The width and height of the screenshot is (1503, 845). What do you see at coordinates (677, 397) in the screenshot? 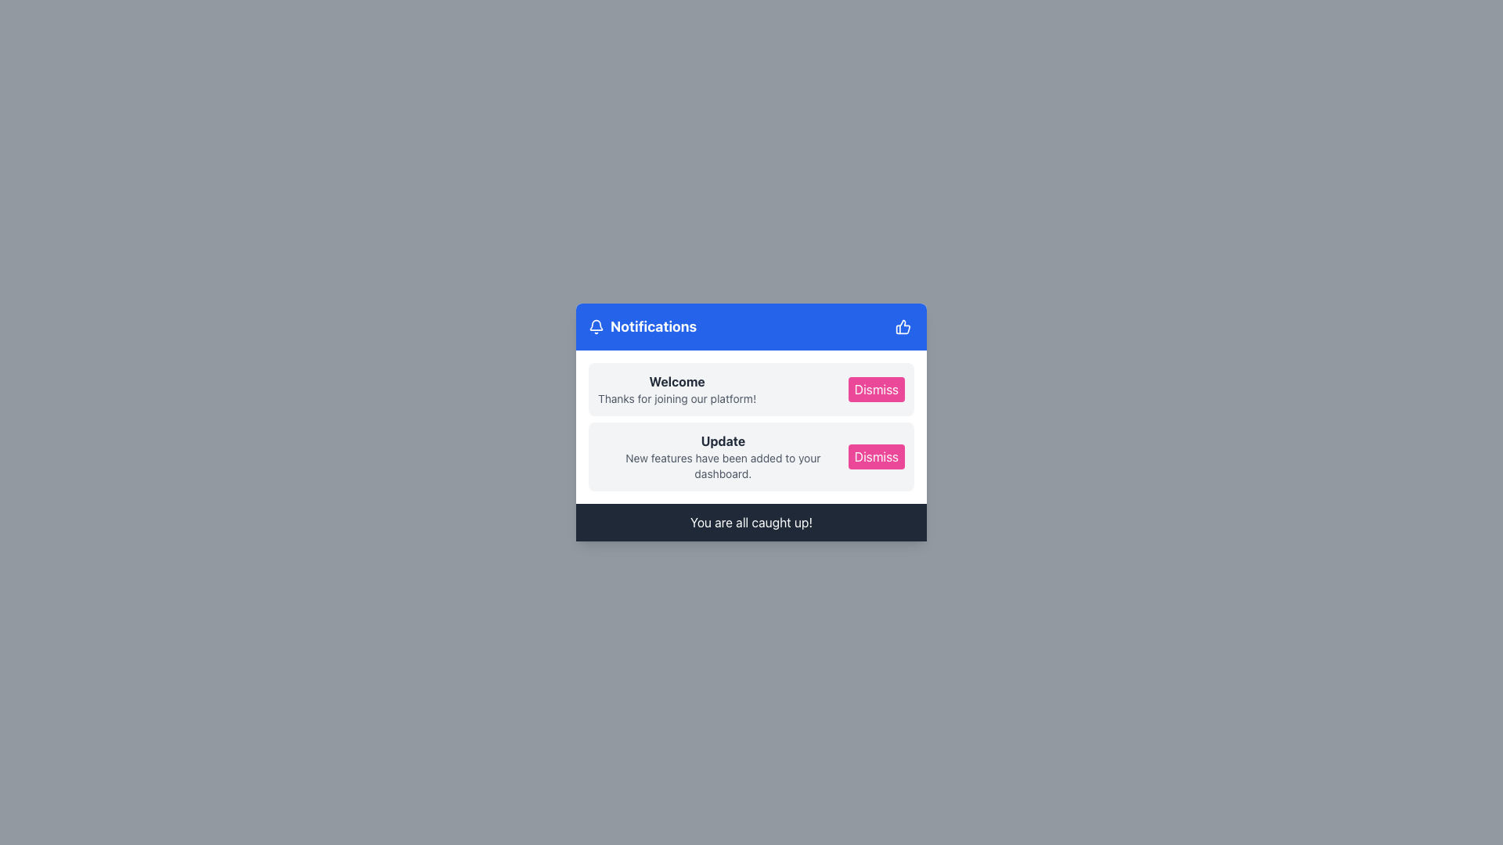
I see `the supportive text block located directly beneath the 'Welcome' headline within the notification card` at bounding box center [677, 397].